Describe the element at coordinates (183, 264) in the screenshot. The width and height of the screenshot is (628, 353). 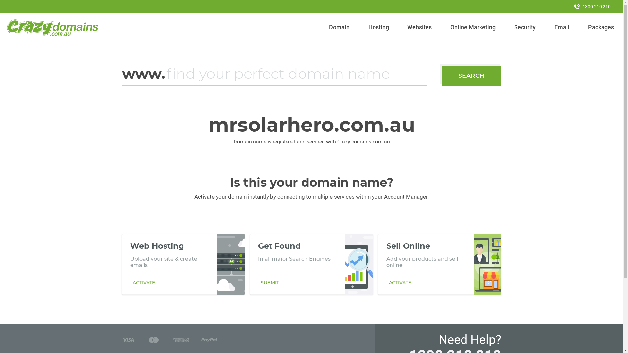
I see `'Web Hosting` at that location.